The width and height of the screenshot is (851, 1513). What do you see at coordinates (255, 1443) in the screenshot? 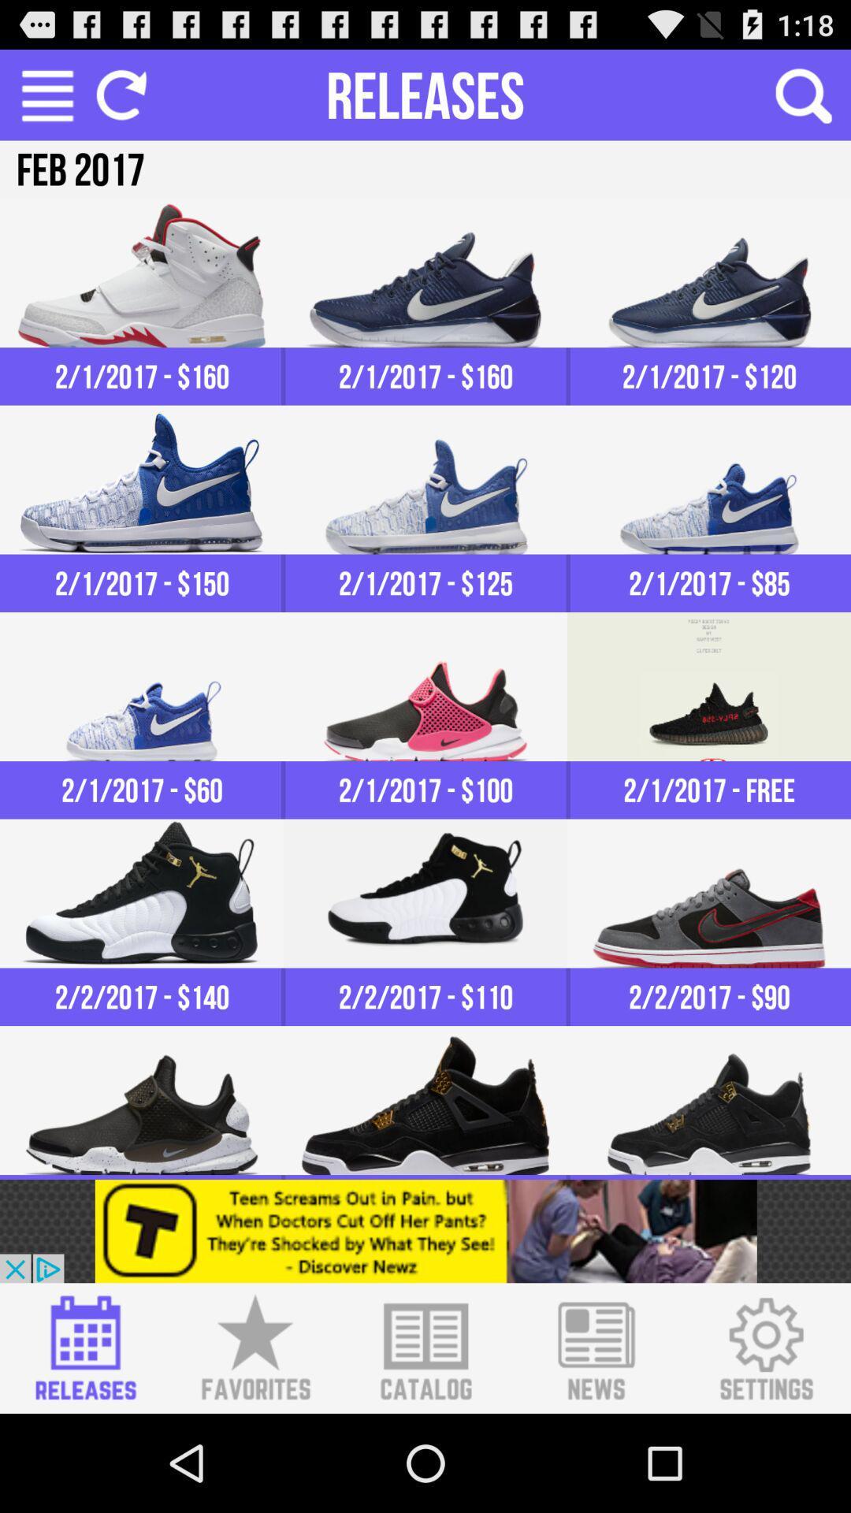
I see `the star icon` at bounding box center [255, 1443].